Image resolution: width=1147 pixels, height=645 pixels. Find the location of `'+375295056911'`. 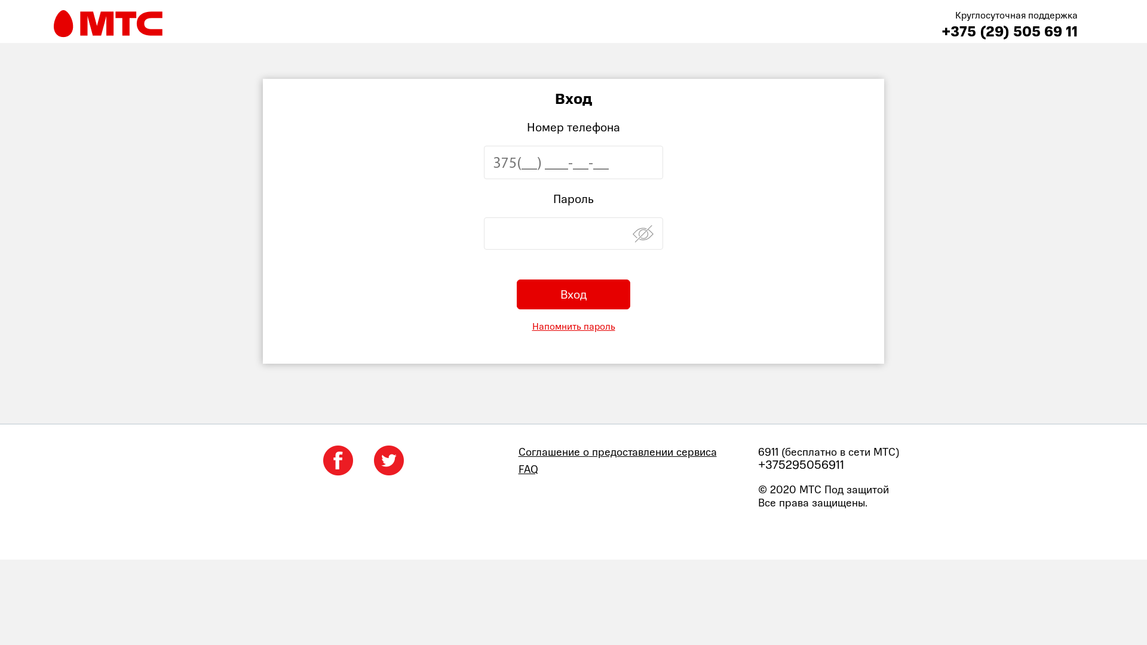

'+375295056911' is located at coordinates (757, 465).